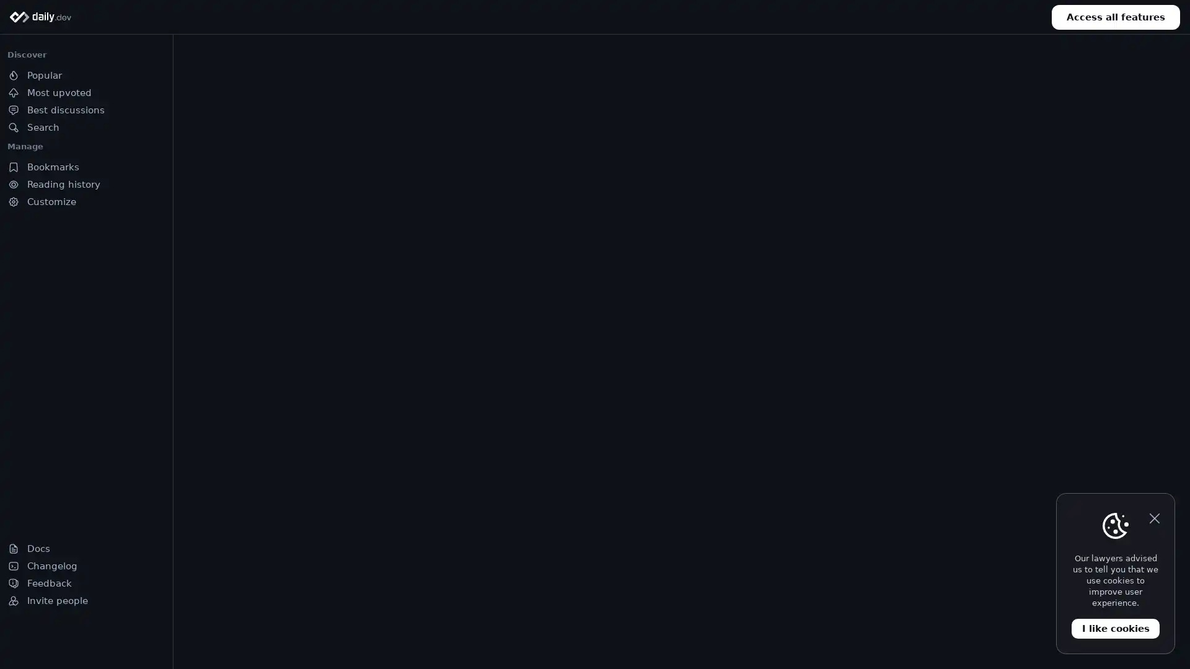  What do you see at coordinates (868, 401) in the screenshot?
I see `Options` at bounding box center [868, 401].